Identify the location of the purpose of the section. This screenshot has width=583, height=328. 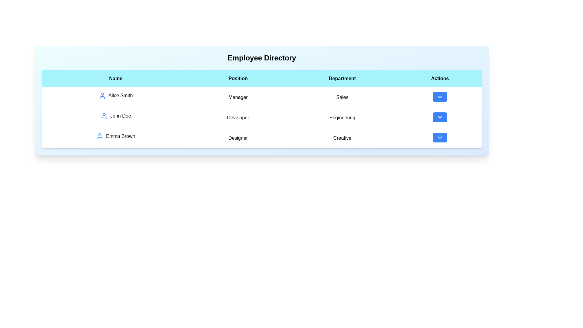
(262, 58).